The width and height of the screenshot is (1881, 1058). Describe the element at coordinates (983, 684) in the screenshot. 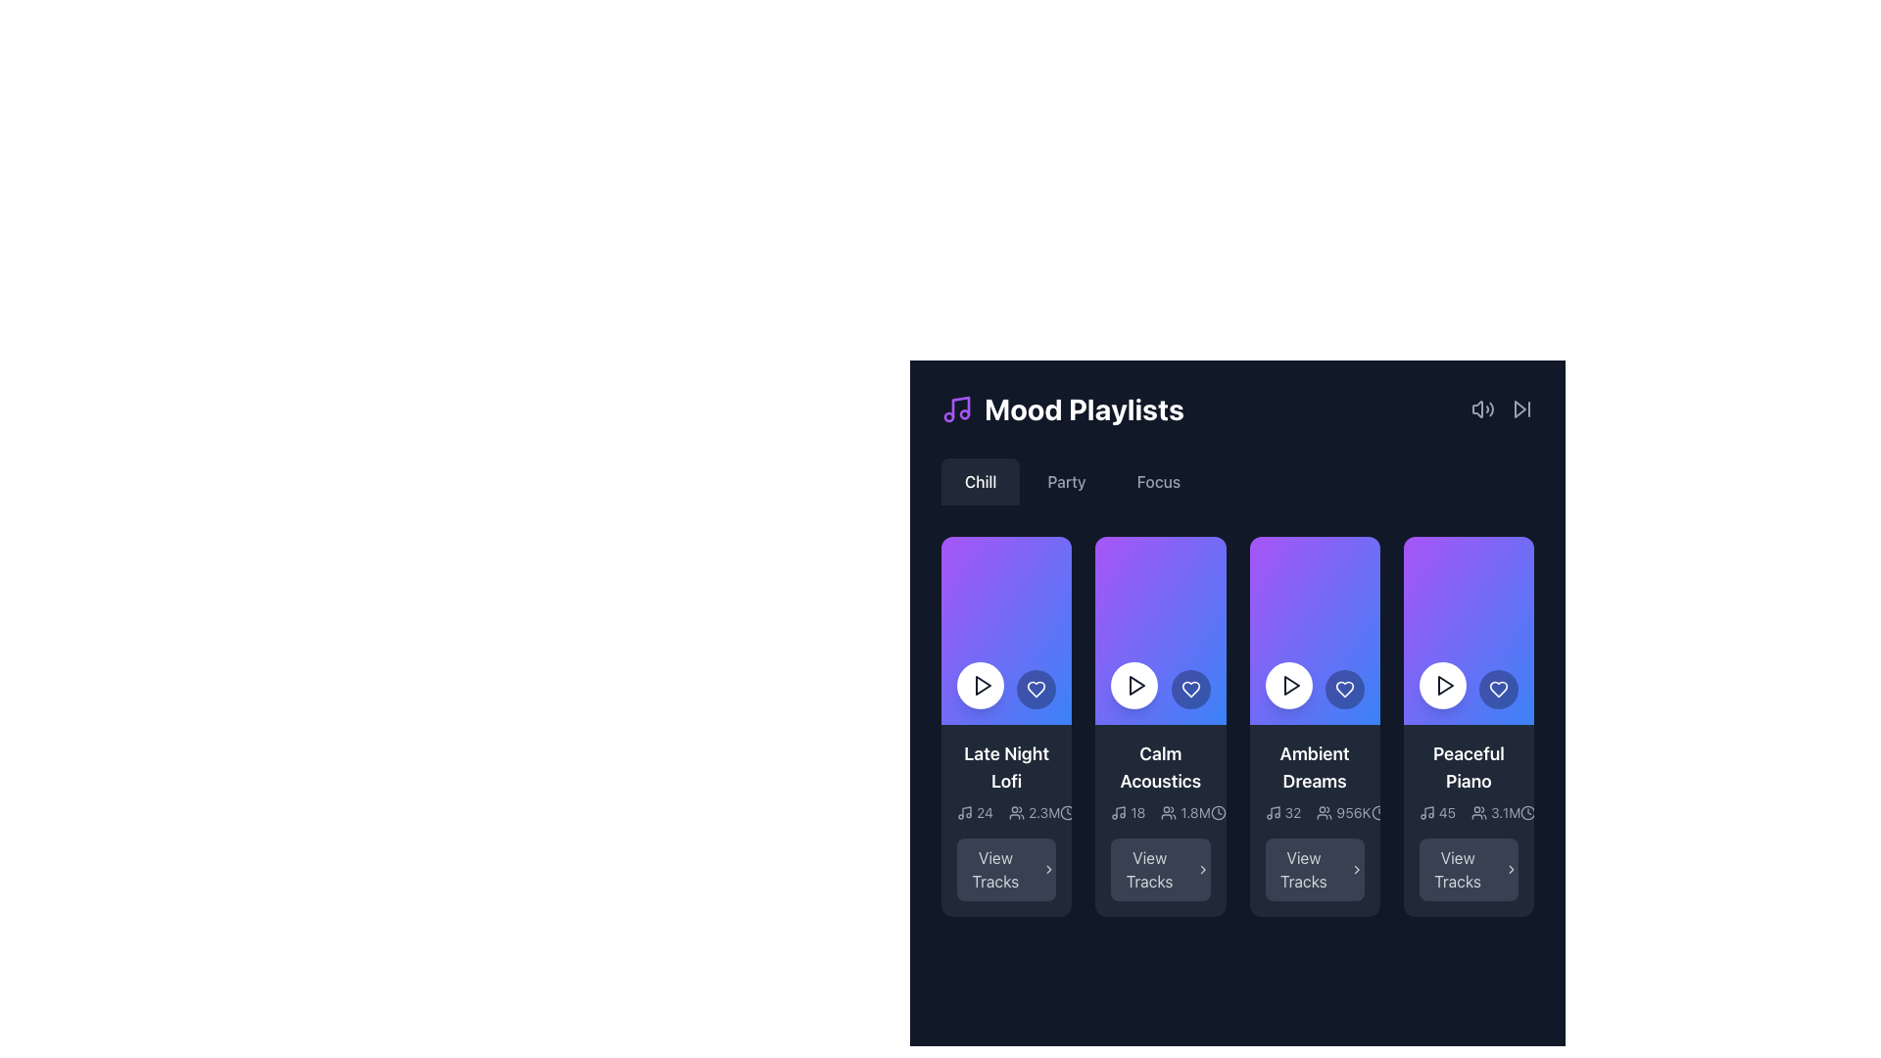

I see `the play button located at the bottom left of the first card in the 'Mood Playlists' section titled 'Late Night Lofi' to play the associated media` at that location.